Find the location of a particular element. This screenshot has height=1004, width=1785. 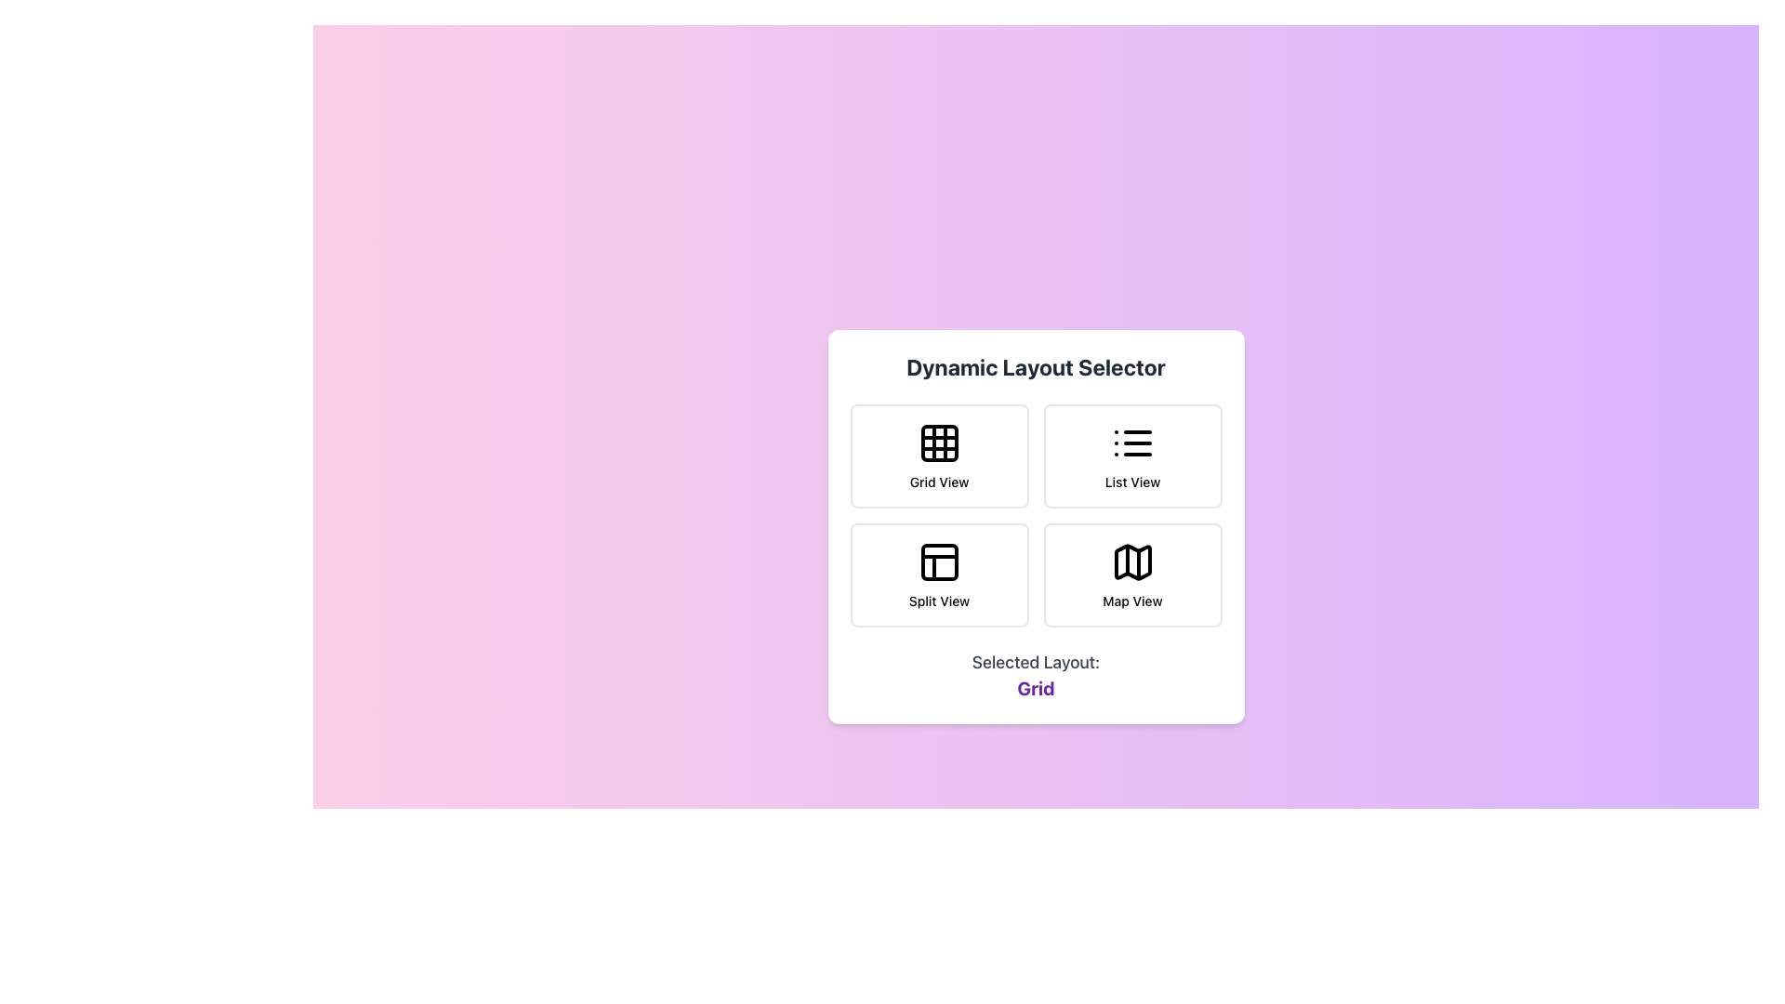

the central rectangle of the 'Grid View' button in the layout selector modal, which serves as a decorative shape within the grid icon is located at coordinates (939, 443).